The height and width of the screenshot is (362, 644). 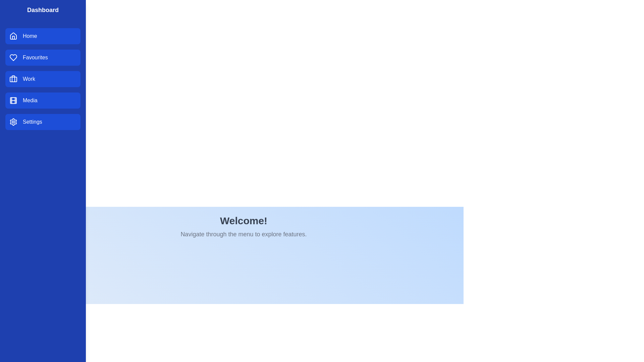 I want to click on the category Media from the sidebar menu, so click(x=43, y=101).